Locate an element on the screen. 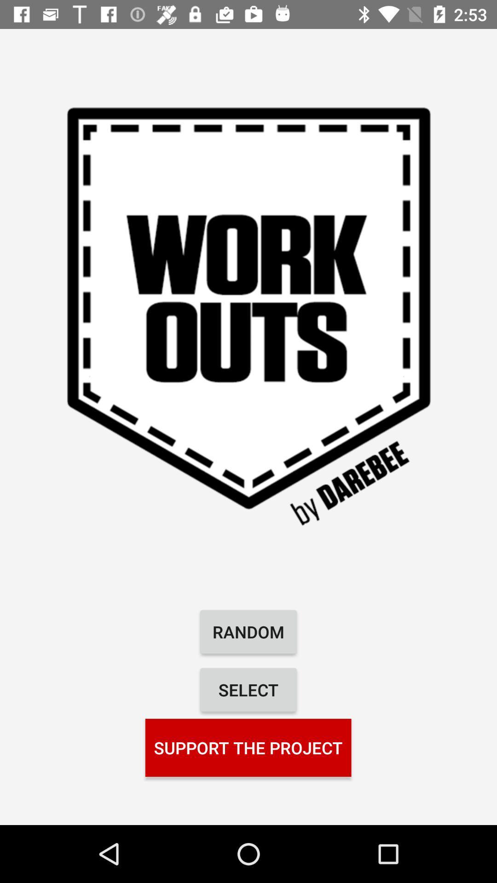  the icon above the support the project icon is located at coordinates (248, 689).